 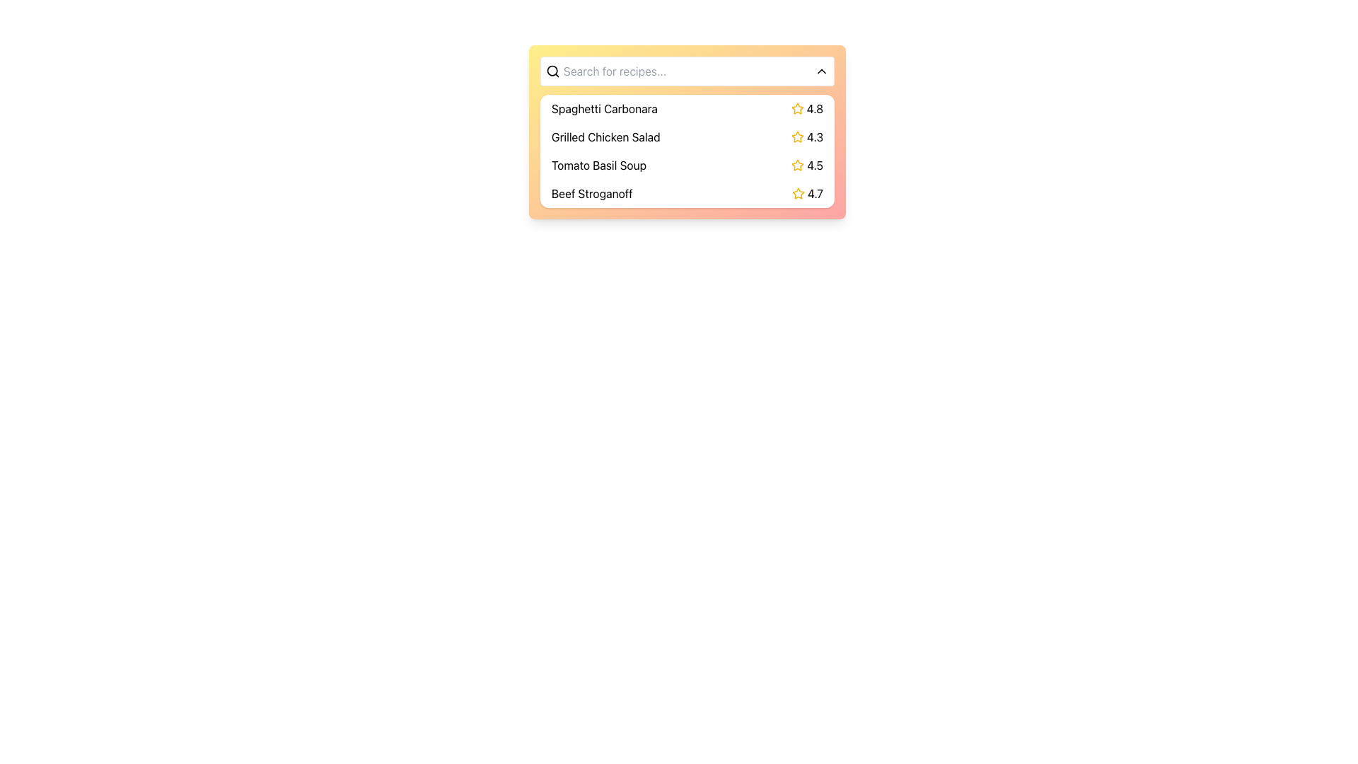 I want to click on the small star-shaped icon with a yellow outline located next to the rating '4.8' for 'Spaghetti Carbonara' in the first row of the list, so click(x=797, y=108).